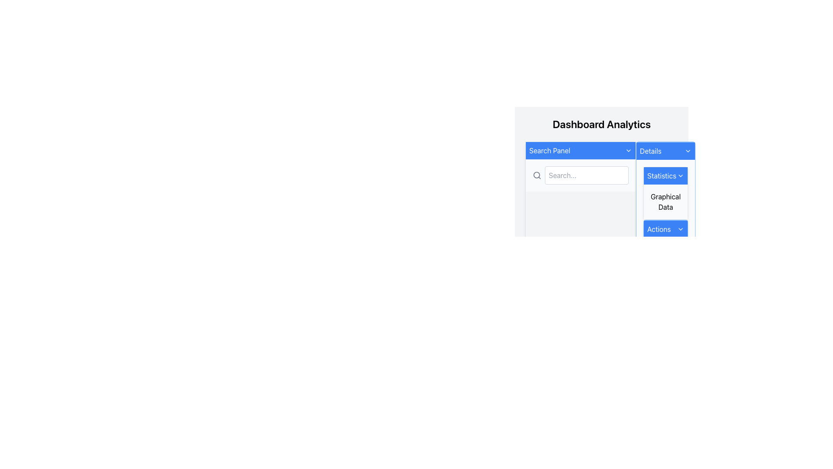 This screenshot has height=469, width=833. Describe the element at coordinates (665, 229) in the screenshot. I see `the rectangular button with a blue background and white text labeled 'Actions' located` at that location.